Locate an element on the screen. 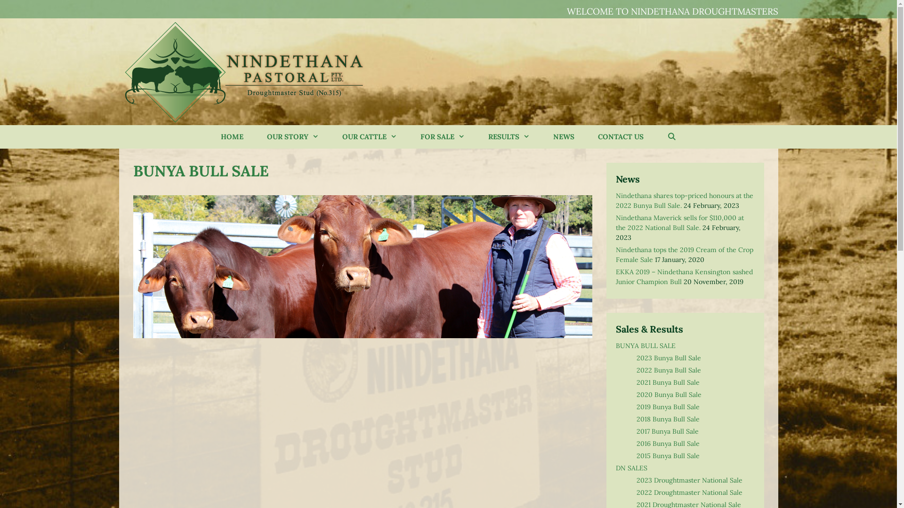 This screenshot has width=904, height=508. 'RESULTS' is located at coordinates (508, 136).